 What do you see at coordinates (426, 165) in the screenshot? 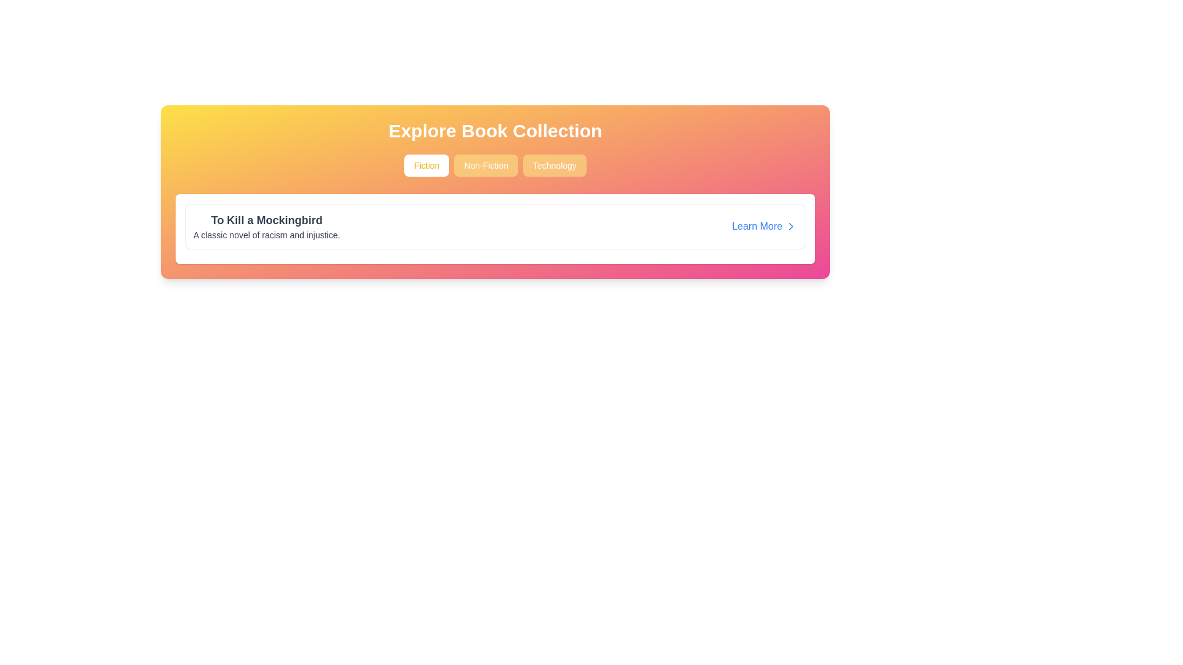
I see `the 'Fiction' books filter button, which is the leftmost button in a horizontal row of three buttons above the book details card` at bounding box center [426, 165].